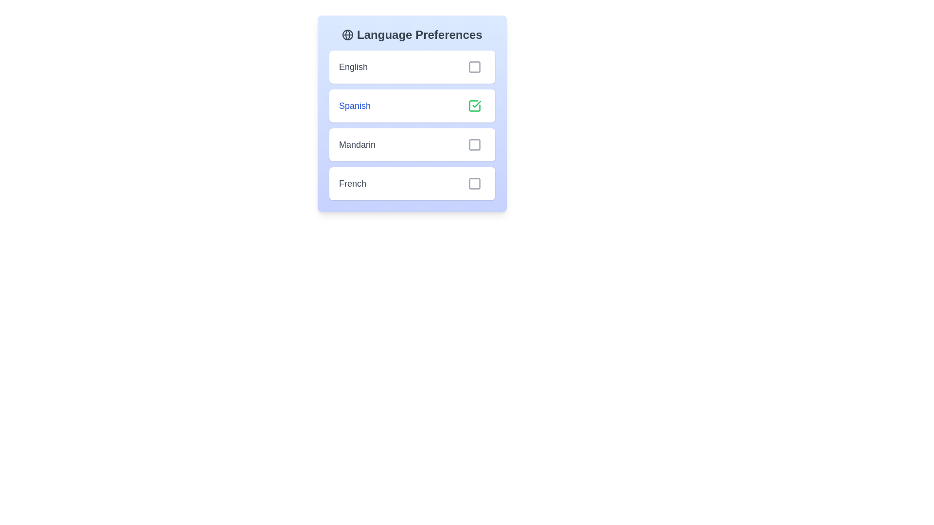 This screenshot has height=525, width=934. What do you see at coordinates (353, 67) in the screenshot?
I see `the 'English' language option label located in the first row under the 'Language Preferences' header, adjacent to the toggle control` at bounding box center [353, 67].